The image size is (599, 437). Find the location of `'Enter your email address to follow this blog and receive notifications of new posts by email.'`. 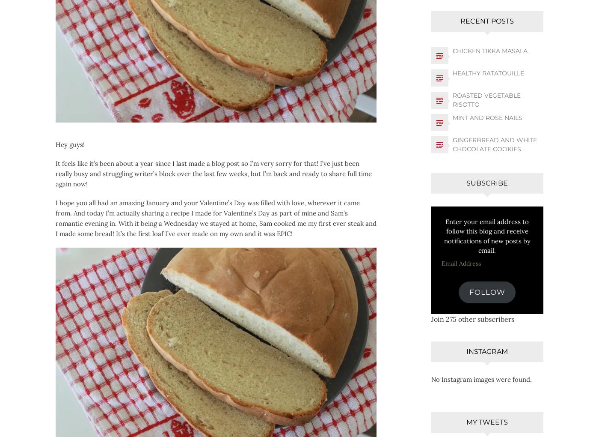

'Enter your email address to follow this blog and receive notifications of new posts by email.' is located at coordinates (487, 235).